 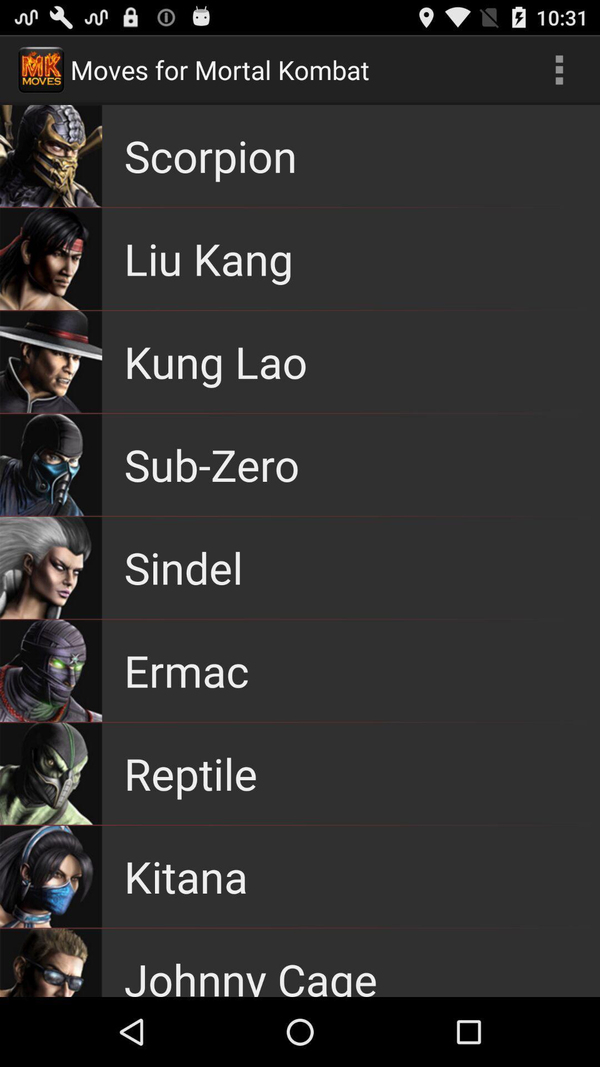 What do you see at coordinates (251, 973) in the screenshot?
I see `the app below kitana app` at bounding box center [251, 973].